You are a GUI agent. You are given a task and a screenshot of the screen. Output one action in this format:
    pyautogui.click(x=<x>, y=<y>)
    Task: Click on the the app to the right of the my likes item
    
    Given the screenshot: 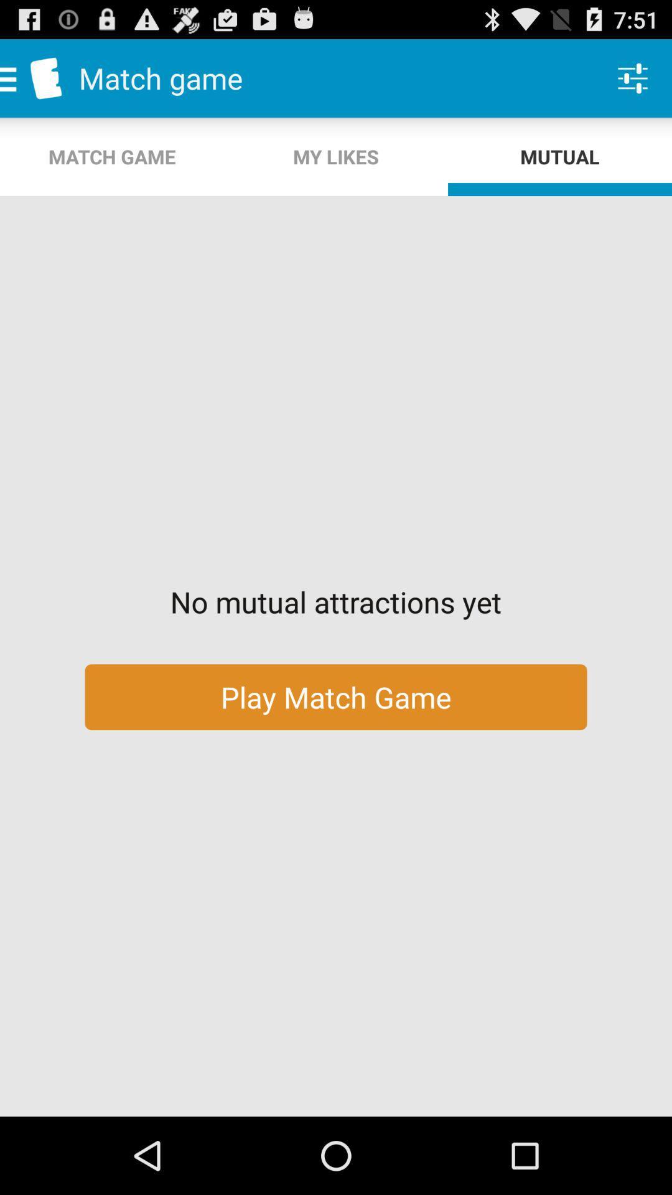 What is the action you would take?
    pyautogui.click(x=633, y=77)
    